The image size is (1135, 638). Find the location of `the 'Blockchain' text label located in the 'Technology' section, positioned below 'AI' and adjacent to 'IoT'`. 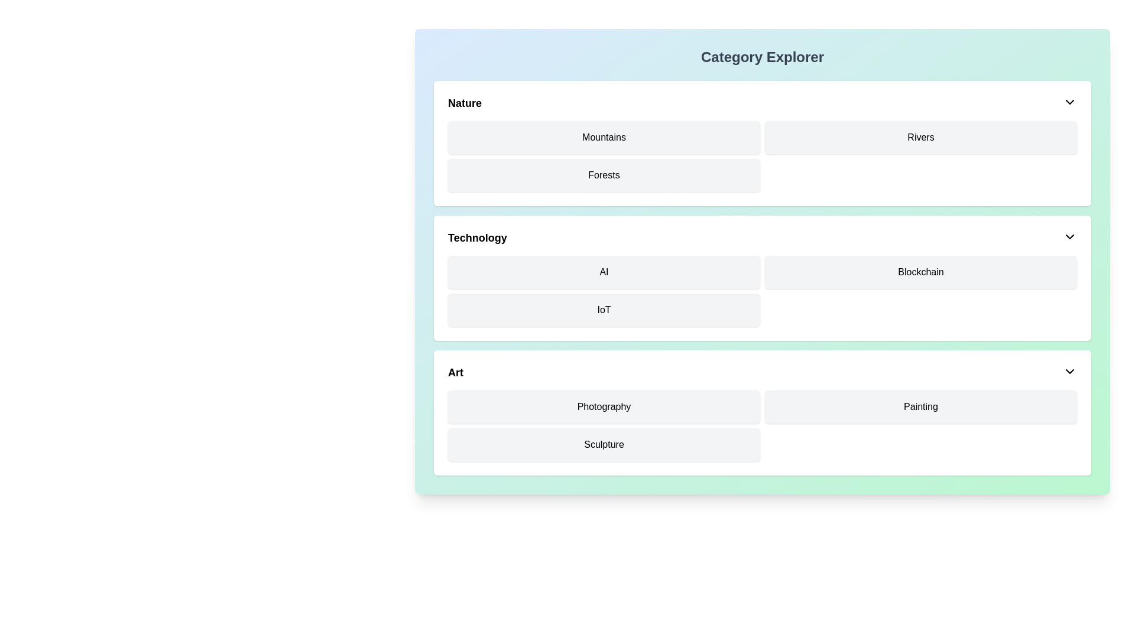

the 'Blockchain' text label located in the 'Technology' section, positioned below 'AI' and adjacent to 'IoT' is located at coordinates (920, 272).